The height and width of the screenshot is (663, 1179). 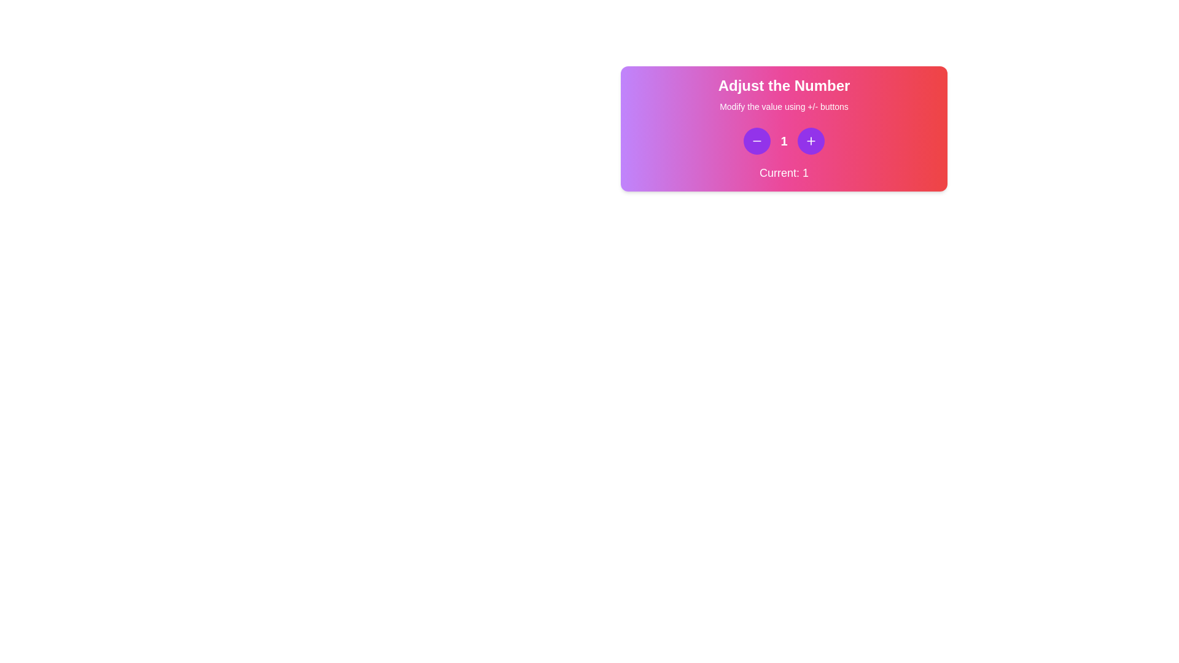 I want to click on the circular button with the decrease icon, which is the leftmost button in the 'Adjust the Number' section, so click(x=757, y=141).